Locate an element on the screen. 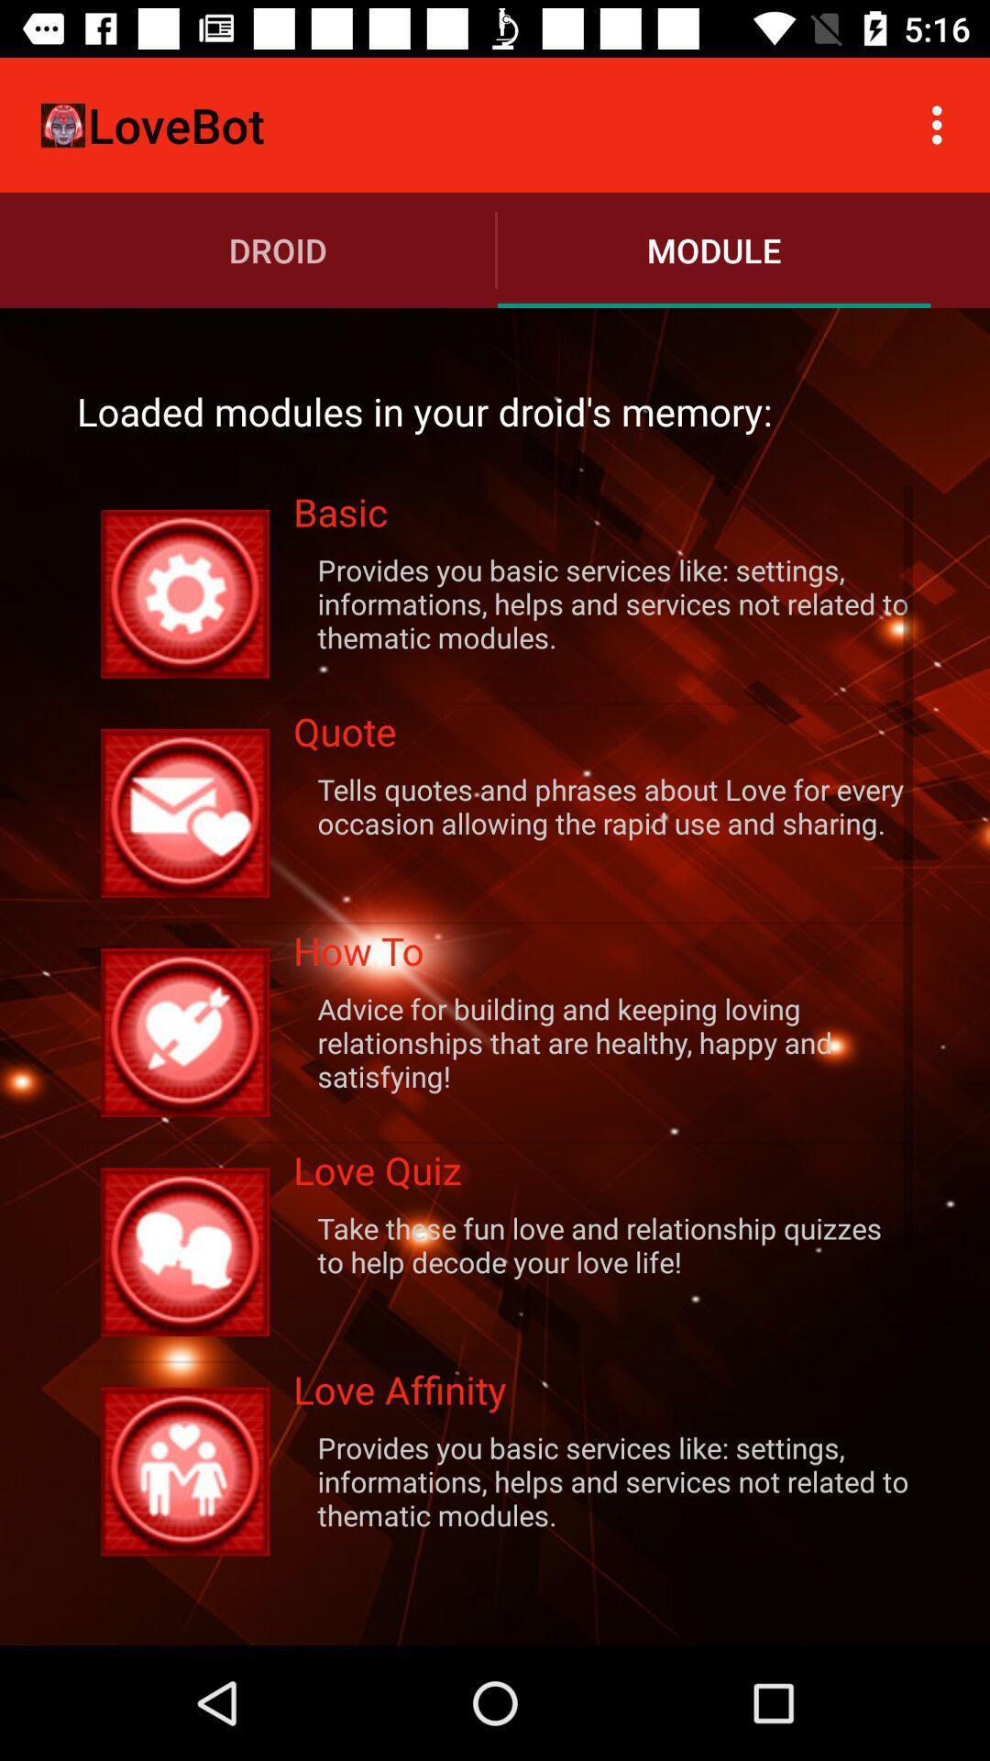  the icon above advice for building is located at coordinates (603, 956).